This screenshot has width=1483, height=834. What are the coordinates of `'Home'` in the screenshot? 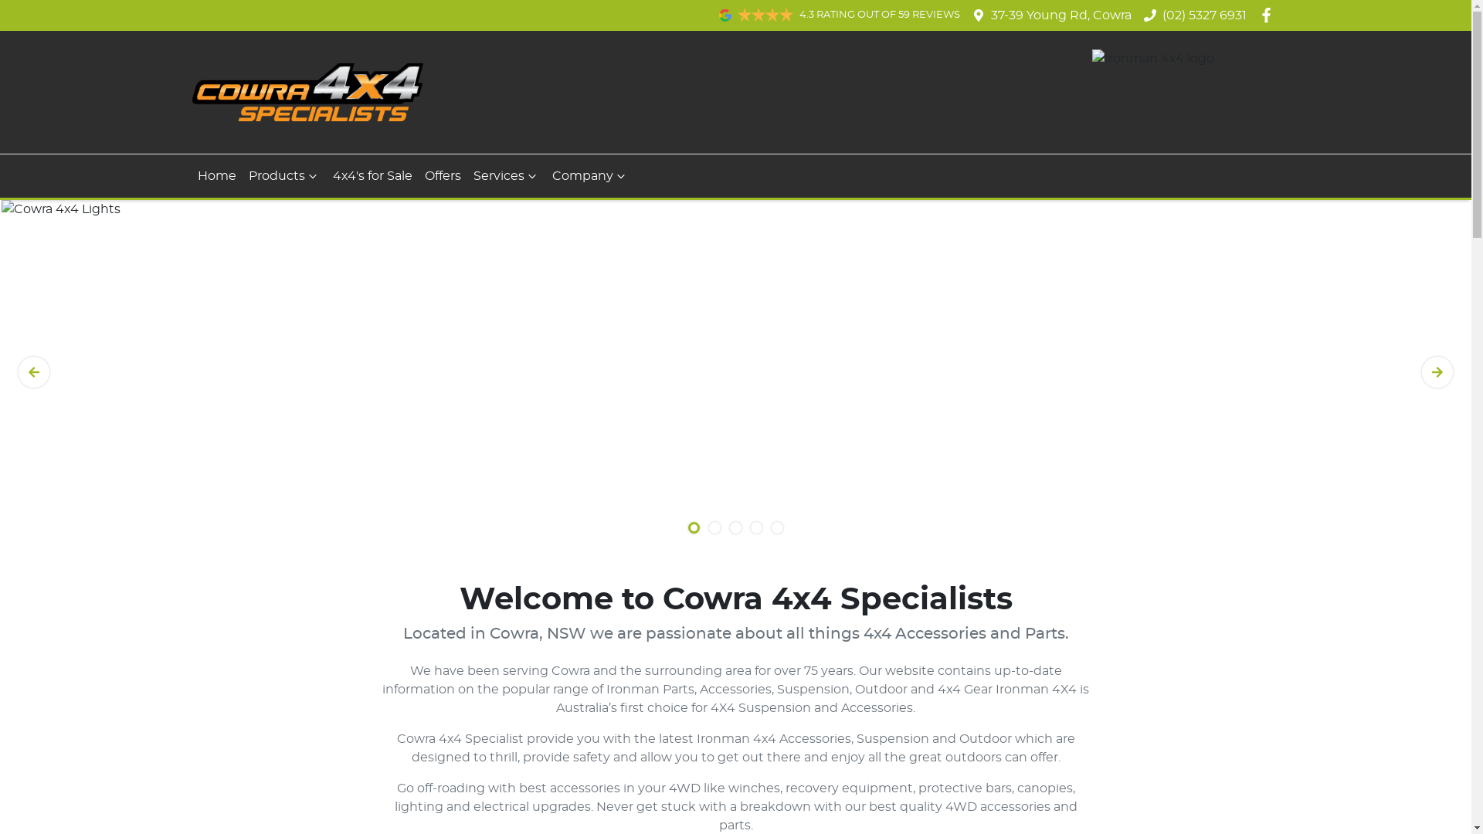 It's located at (216, 175).